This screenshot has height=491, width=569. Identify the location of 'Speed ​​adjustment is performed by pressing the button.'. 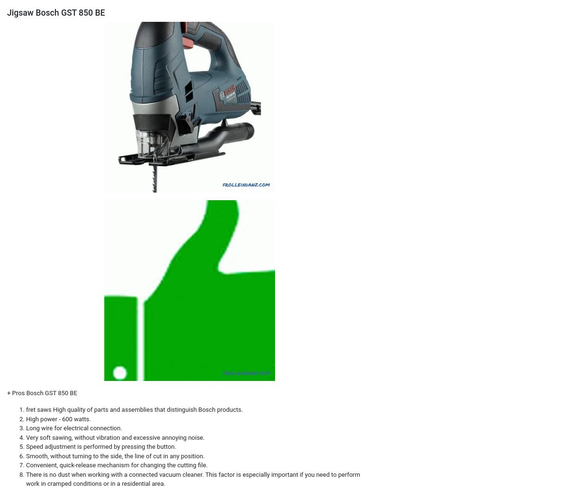
(101, 446).